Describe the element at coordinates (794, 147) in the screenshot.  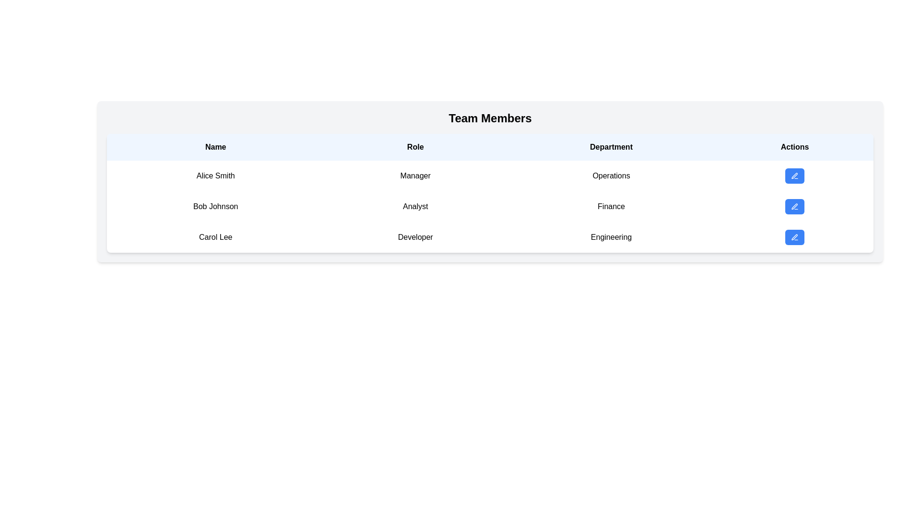
I see `the static text header that serves as the fourth column header in the table, indicating actions or operations related to the rows beneath it` at that location.